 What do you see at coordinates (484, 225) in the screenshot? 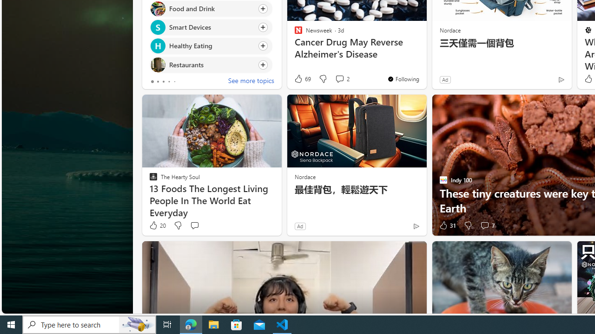
I see `'View comments 7 Comment'` at bounding box center [484, 225].